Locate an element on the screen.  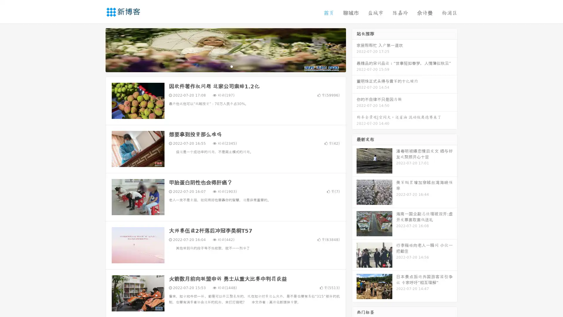
Previous slide is located at coordinates (97, 49).